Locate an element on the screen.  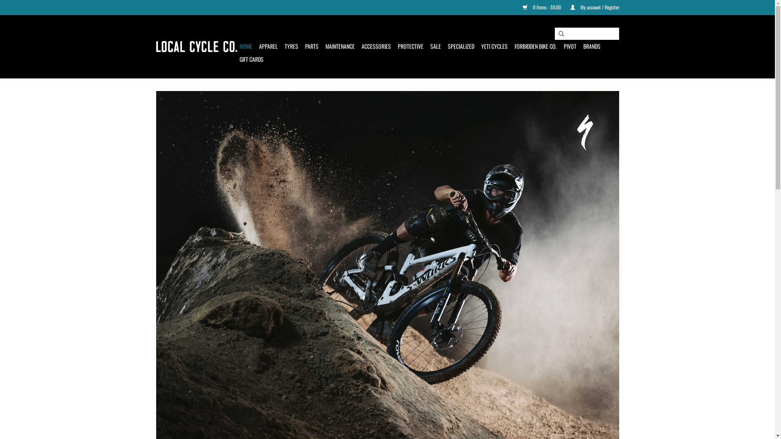
'HOME' is located at coordinates (245, 46).